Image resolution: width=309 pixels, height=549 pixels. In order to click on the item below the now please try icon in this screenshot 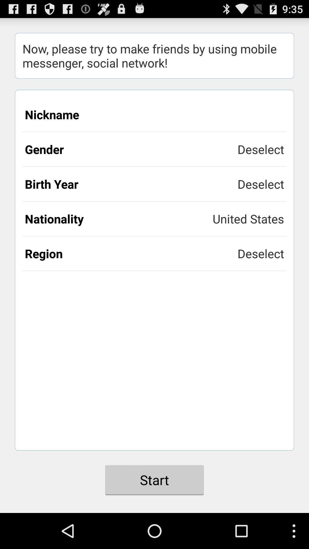, I will do `click(154, 114)`.